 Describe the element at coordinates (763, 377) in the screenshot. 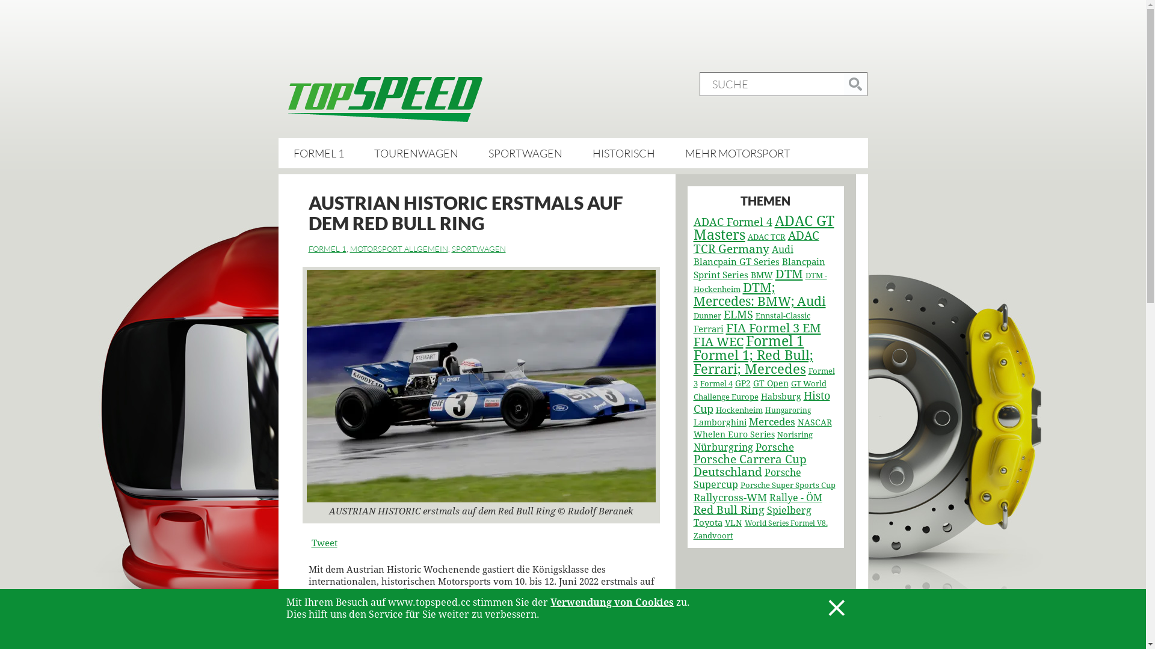

I see `'Formel 3'` at that location.